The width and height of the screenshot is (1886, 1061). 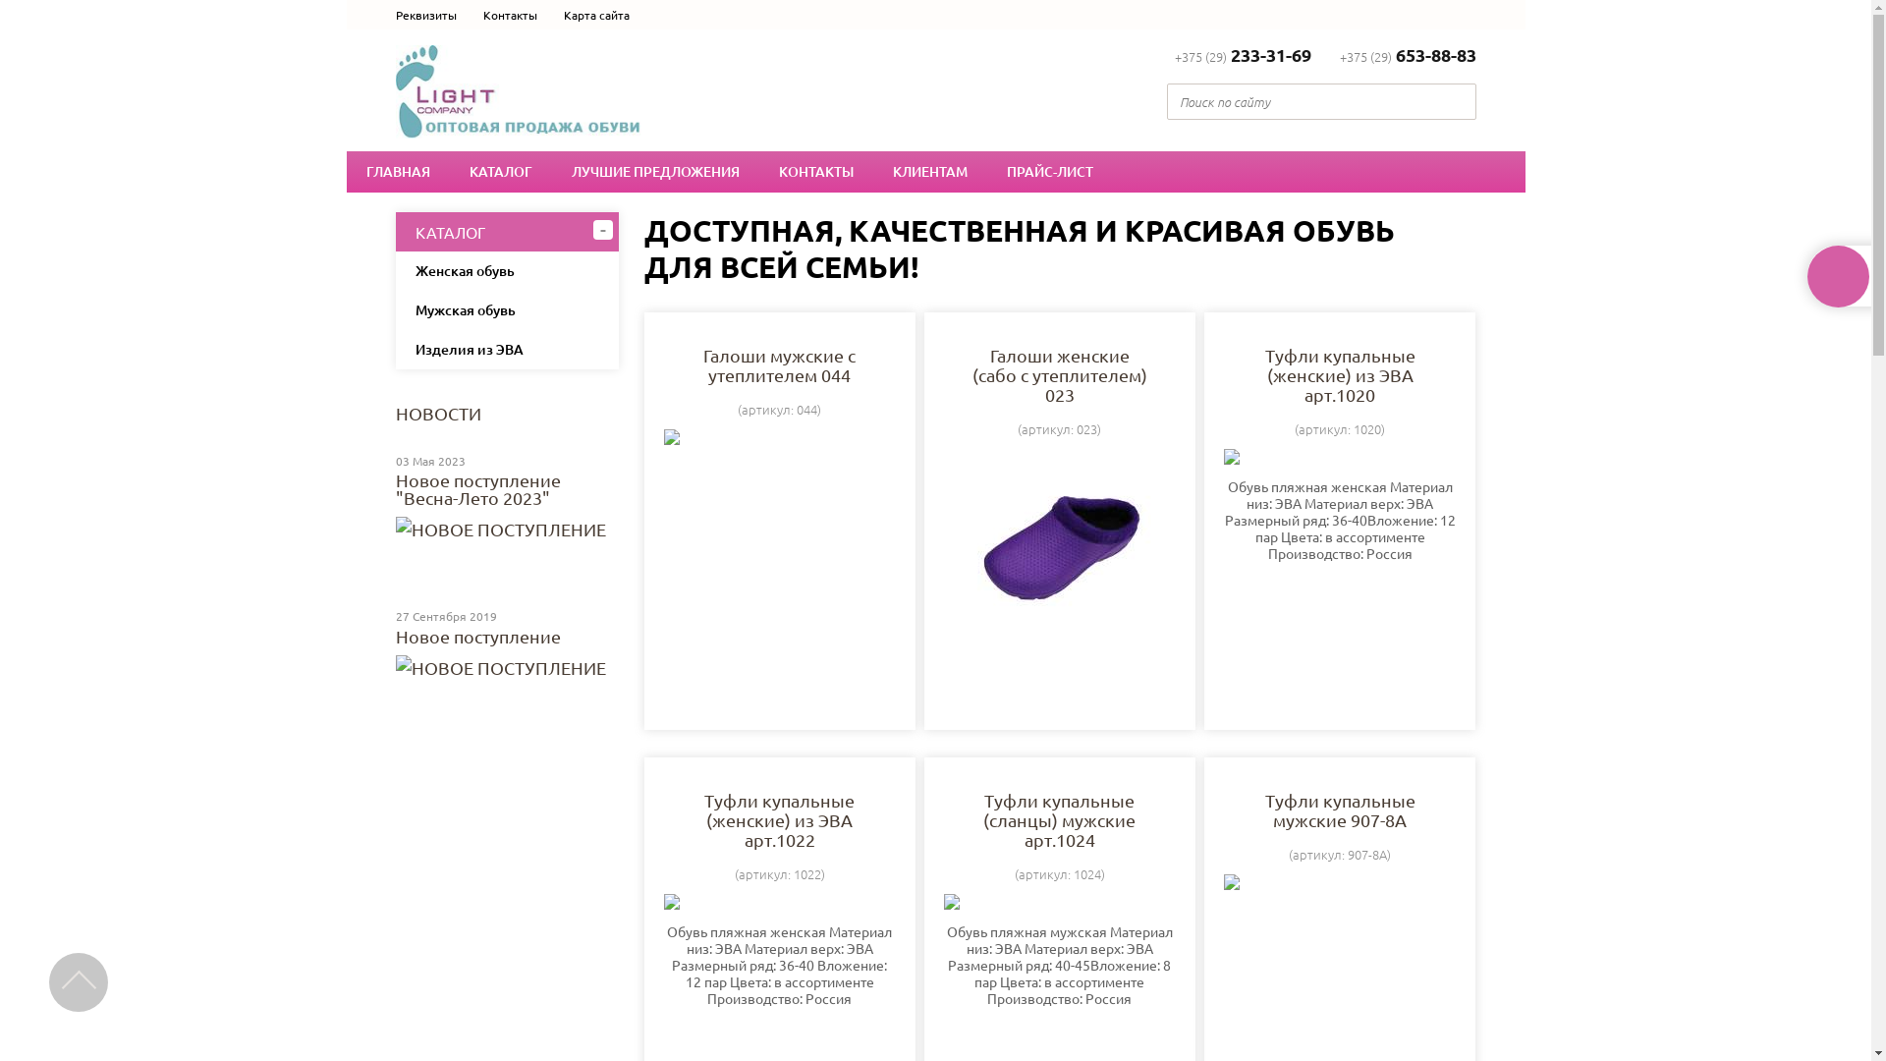 What do you see at coordinates (1174, 55) in the screenshot?
I see `'+375 (29)233-31-69'` at bounding box center [1174, 55].